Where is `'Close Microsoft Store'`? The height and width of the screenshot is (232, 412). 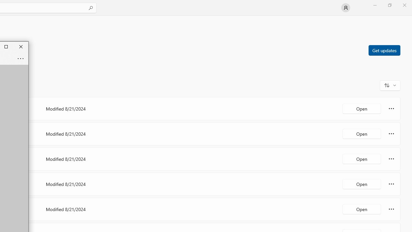 'Close Microsoft Store' is located at coordinates (404, 5).